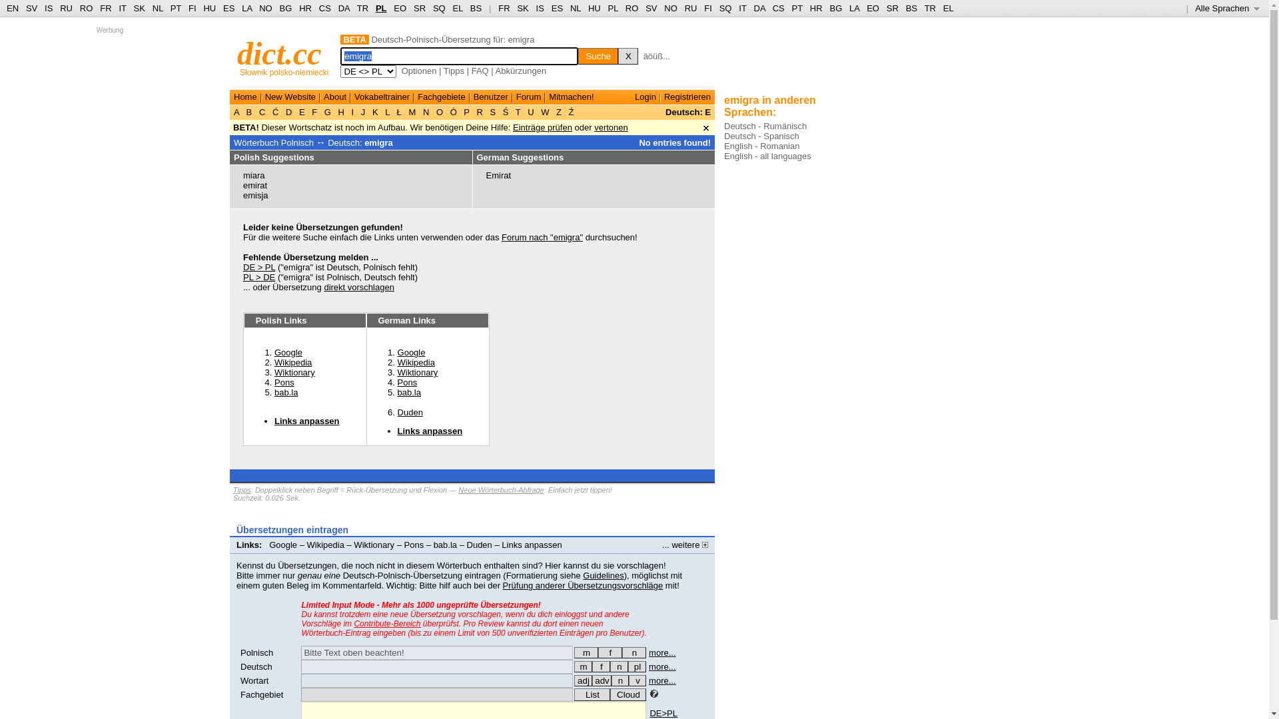 This screenshot has height=719, width=1279. I want to click on 'Optionen', so click(418, 71).